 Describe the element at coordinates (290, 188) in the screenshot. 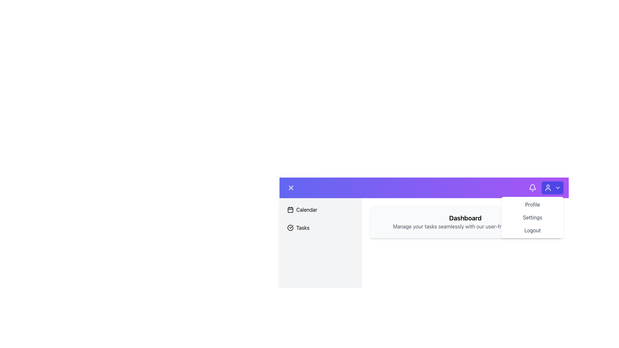

I see `the close button located at the top-left corner of the indigo-to-purple gradient navigation bar` at that location.